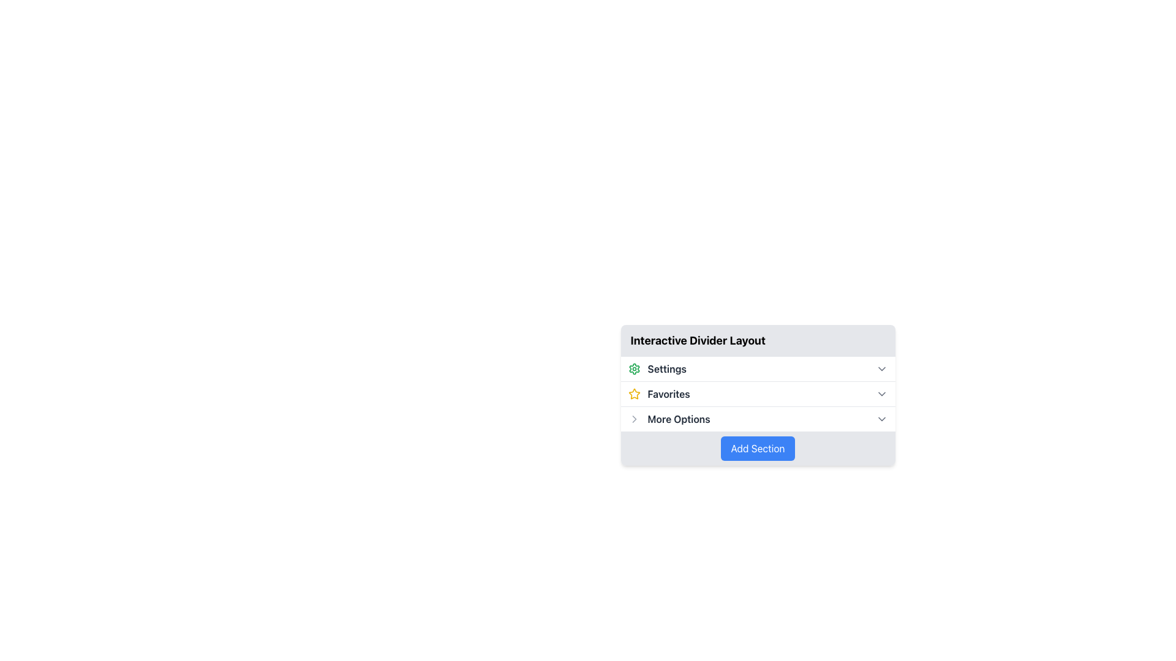 The width and height of the screenshot is (1176, 661). Describe the element at coordinates (757, 448) in the screenshot. I see `the button that allows users to add a new section to the current layout, located centrally at the bottom of the 'Interactive Divider Layout'` at that location.